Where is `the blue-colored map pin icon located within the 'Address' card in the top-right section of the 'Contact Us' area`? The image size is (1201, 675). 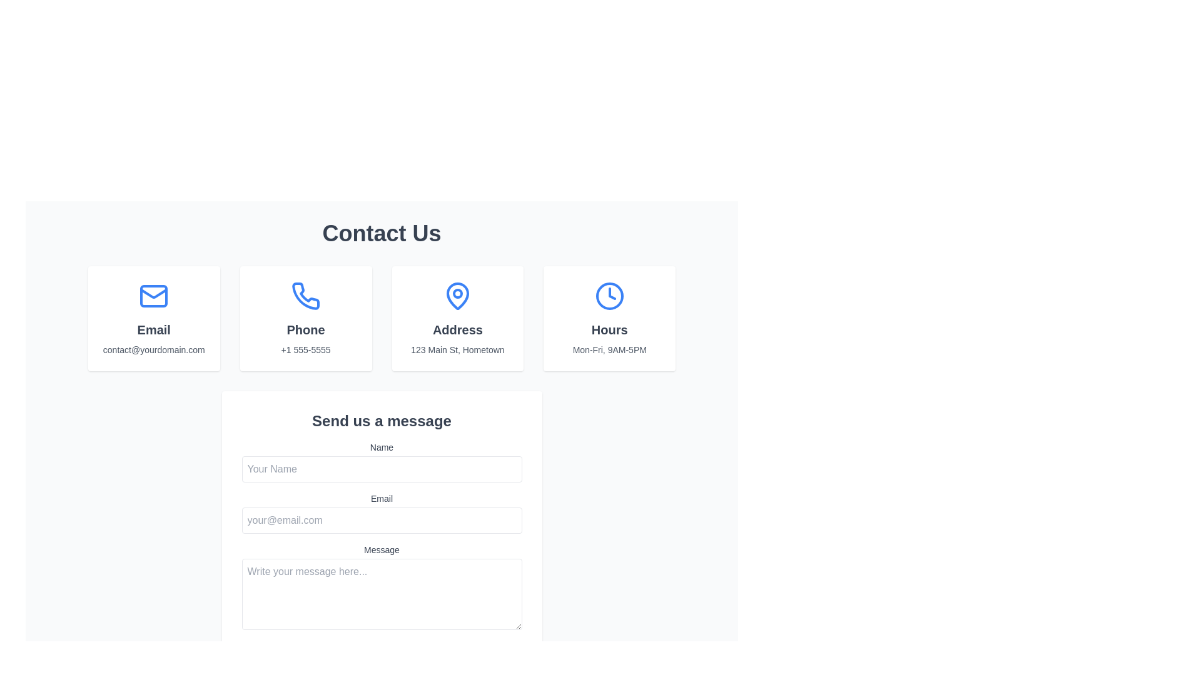
the blue-colored map pin icon located within the 'Address' card in the top-right section of the 'Contact Us' area is located at coordinates (457, 296).